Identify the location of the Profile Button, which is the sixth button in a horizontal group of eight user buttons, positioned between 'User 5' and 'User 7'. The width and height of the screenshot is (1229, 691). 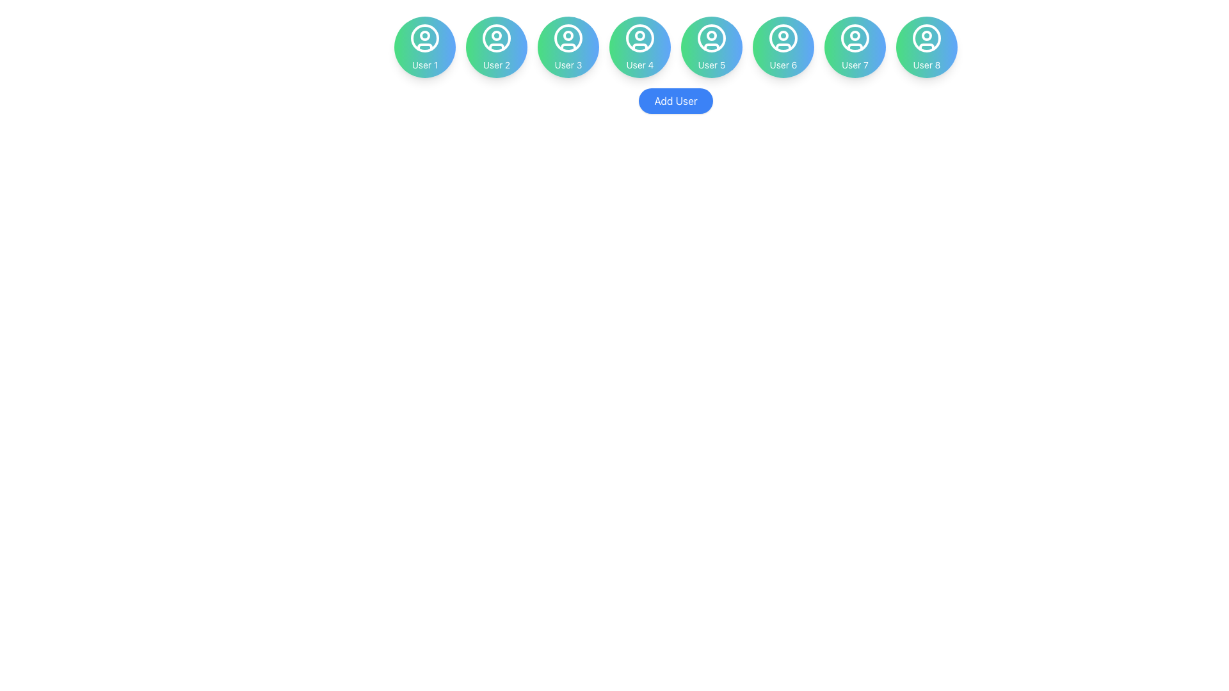
(783, 46).